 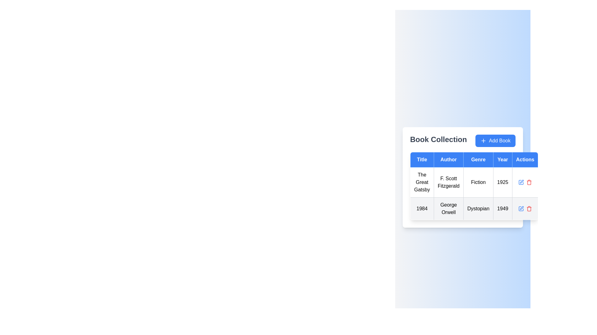 What do you see at coordinates (502, 208) in the screenshot?
I see `the text label indicating the publication year of the book '1984' located in the second row of the 'Year' column in the table` at bounding box center [502, 208].